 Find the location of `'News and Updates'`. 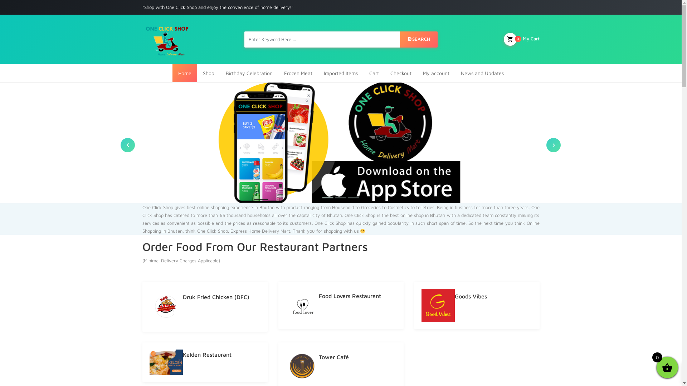

'News and Updates' is located at coordinates (482, 73).